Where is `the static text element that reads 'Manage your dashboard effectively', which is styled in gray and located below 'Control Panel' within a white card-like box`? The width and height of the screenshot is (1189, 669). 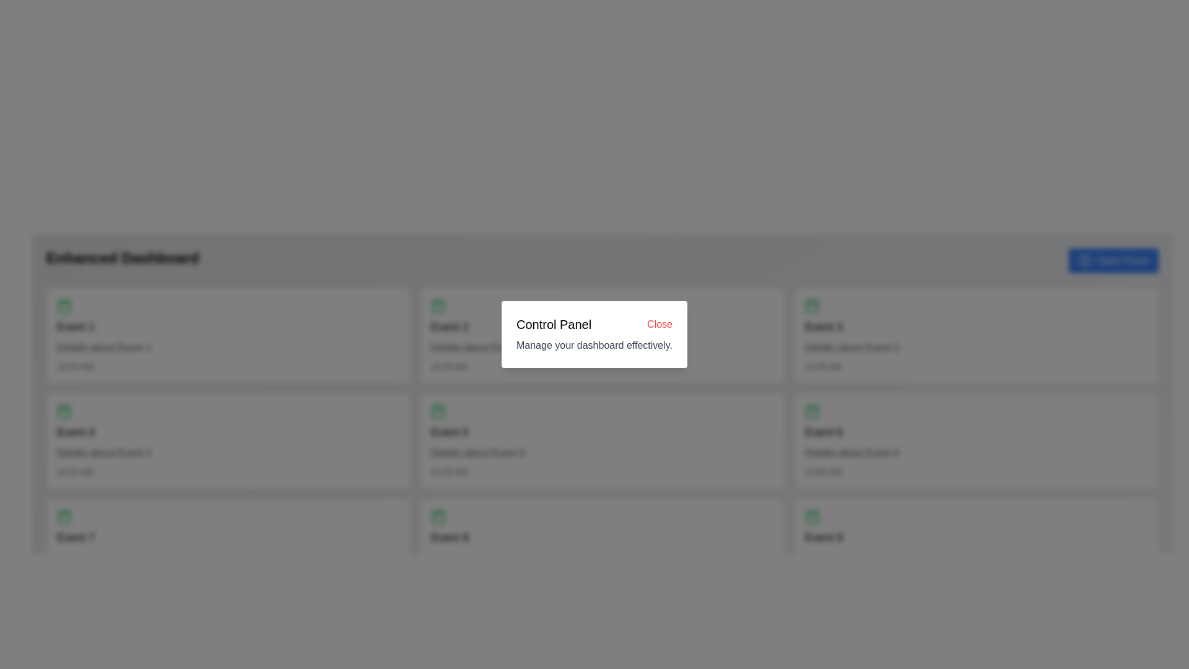
the static text element that reads 'Manage your dashboard effectively', which is styled in gray and located below 'Control Panel' within a white card-like box is located at coordinates (594, 346).